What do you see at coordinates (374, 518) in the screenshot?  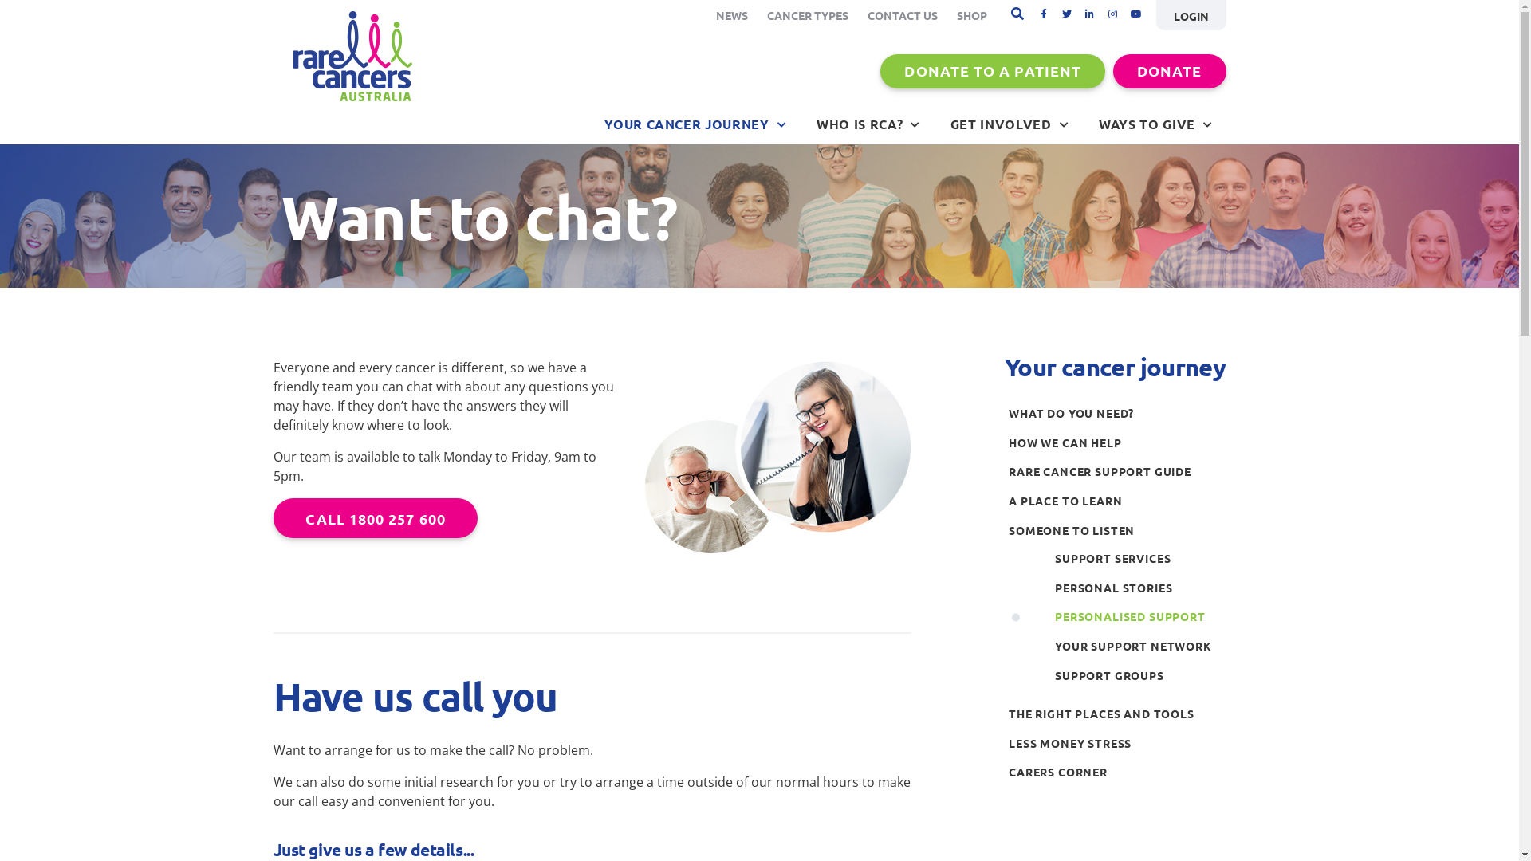 I see `'CALL 1800 257 600'` at bounding box center [374, 518].